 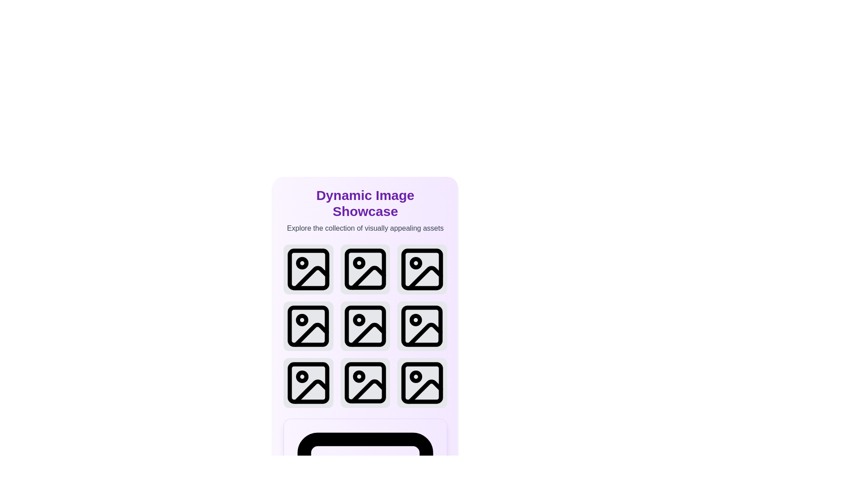 I want to click on the rectangular image placeholder with a light gray background and rounded corners located in the bottom-right corner of the 3x3 grid layout, so click(x=422, y=383).